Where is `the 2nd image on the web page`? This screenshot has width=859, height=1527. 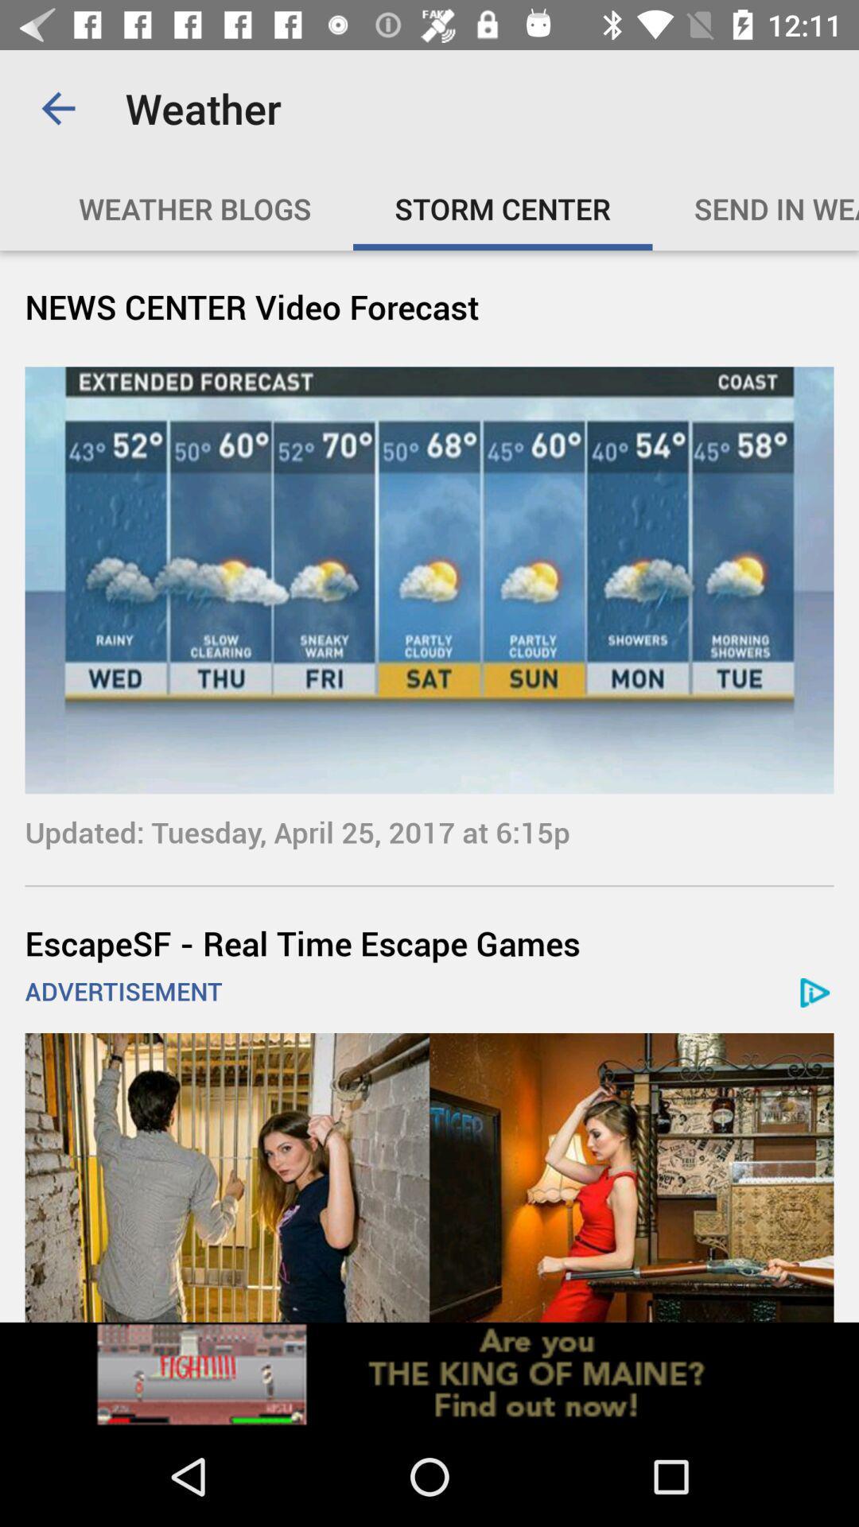 the 2nd image on the web page is located at coordinates (429, 1178).